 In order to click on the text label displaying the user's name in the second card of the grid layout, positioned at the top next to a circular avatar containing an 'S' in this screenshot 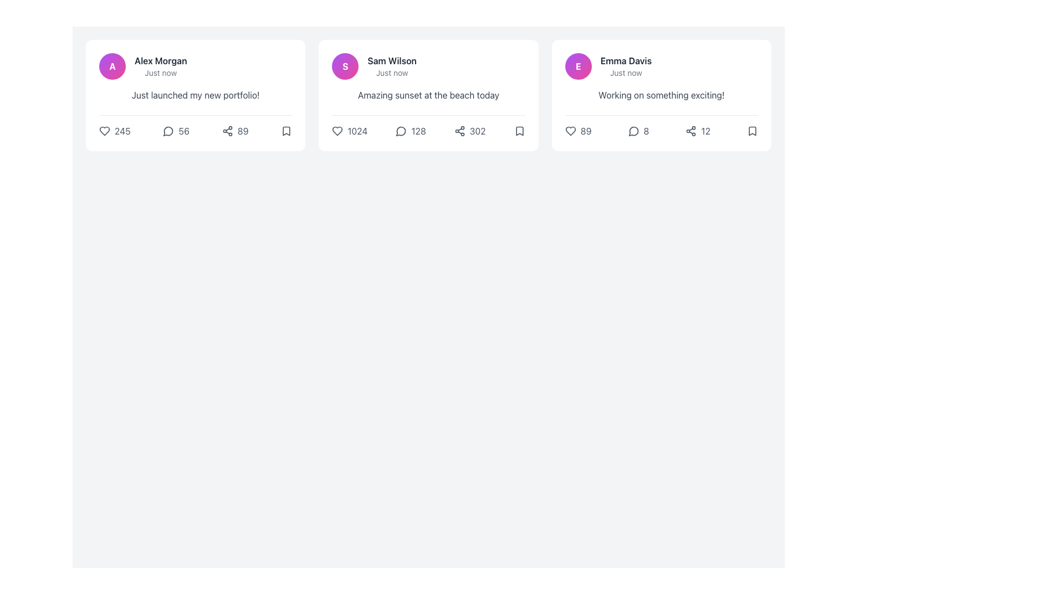, I will do `click(392, 61)`.